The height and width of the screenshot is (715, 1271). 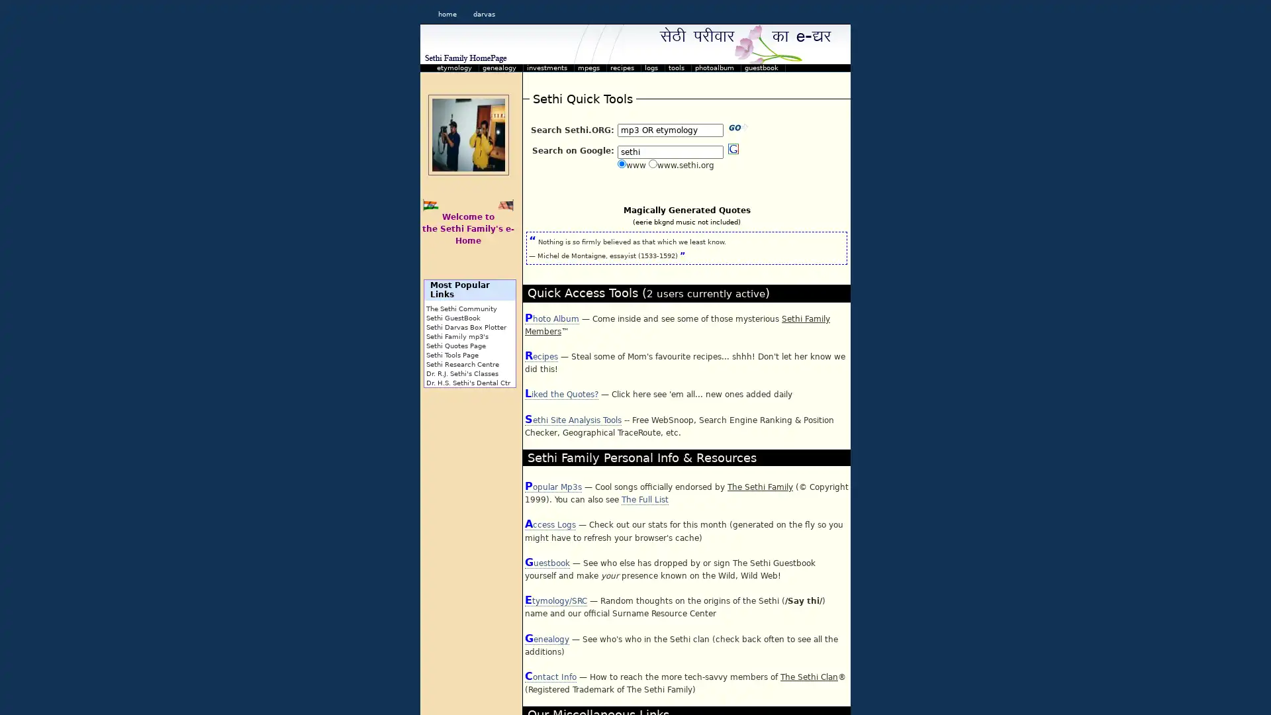 I want to click on Search Sethi.ORG, so click(x=737, y=127).